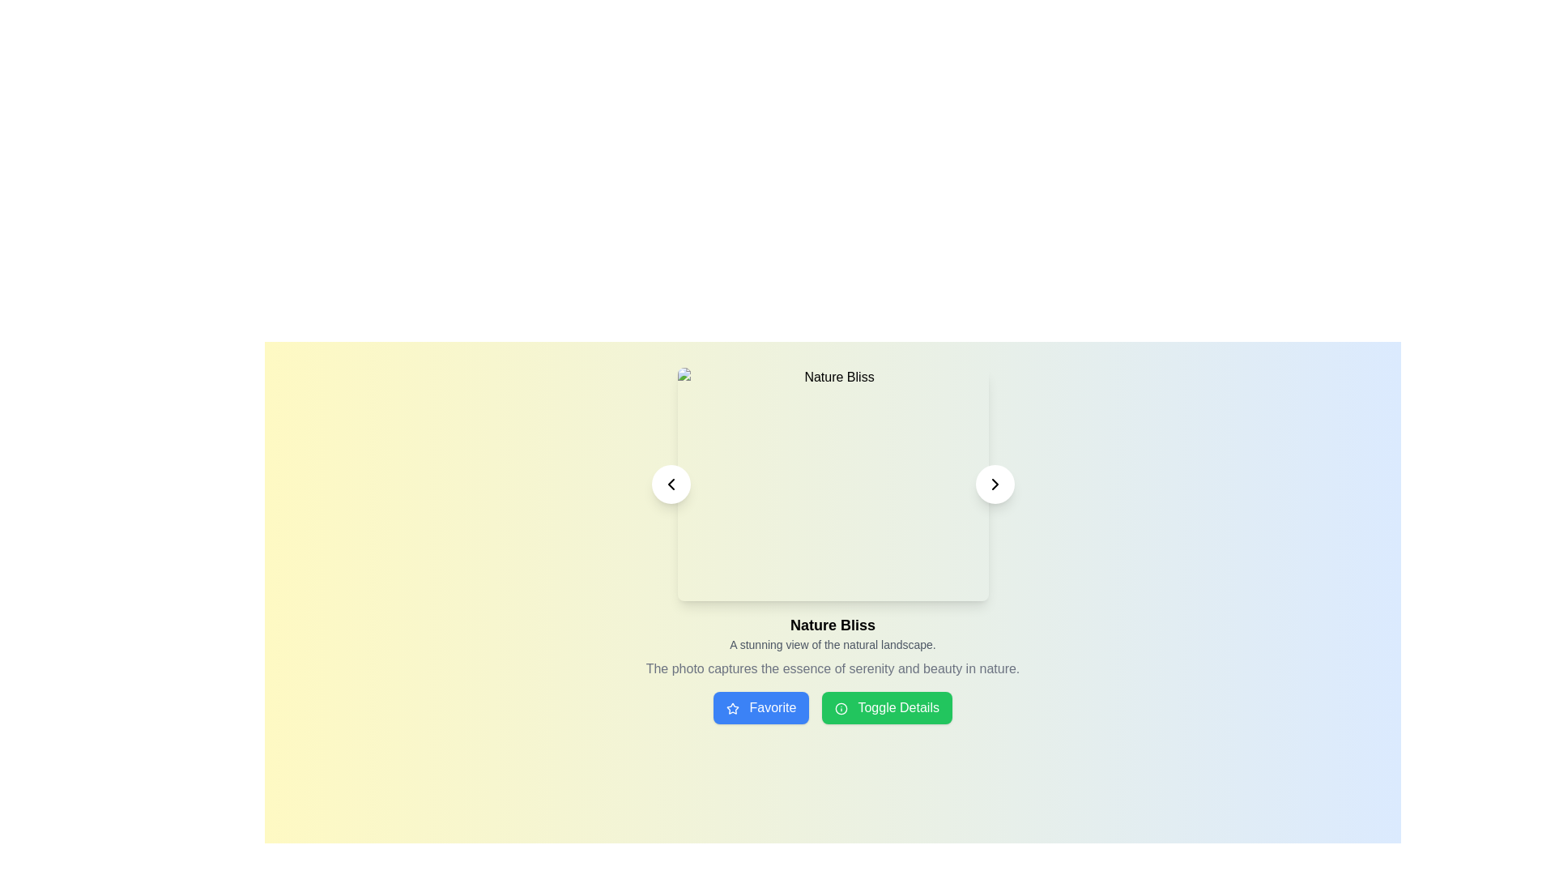 This screenshot has width=1555, height=875. What do you see at coordinates (833, 624) in the screenshot?
I see `the heading text label 'Nature Bliss', which is styled in a bold, large font and positioned centrally in the content section above the descriptive text` at bounding box center [833, 624].